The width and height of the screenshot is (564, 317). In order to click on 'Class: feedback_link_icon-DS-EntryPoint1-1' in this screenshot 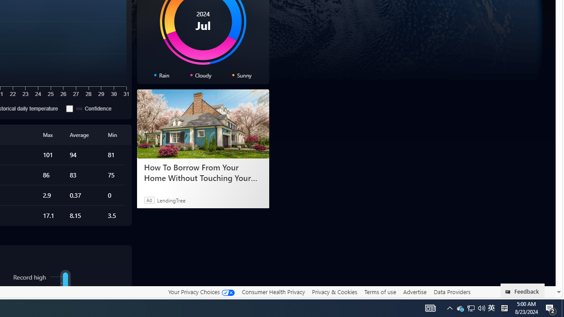, I will do `click(509, 292)`.